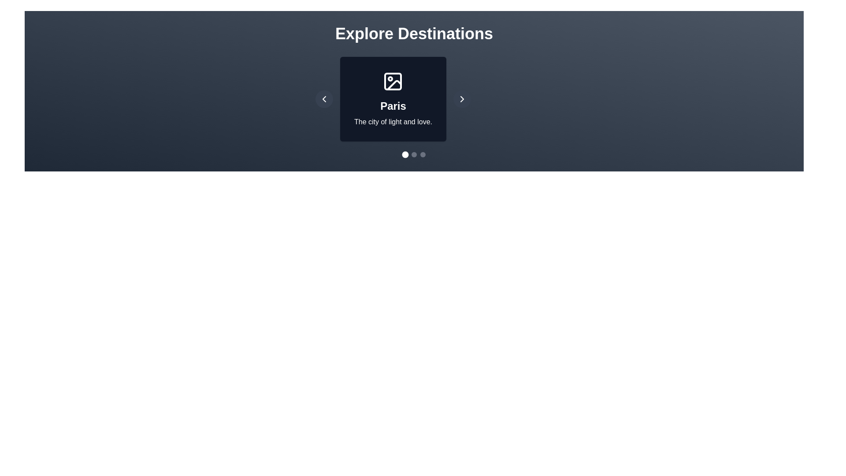 The image size is (846, 476). What do you see at coordinates (405, 154) in the screenshot?
I see `the dot corresponding to destination 0` at bounding box center [405, 154].